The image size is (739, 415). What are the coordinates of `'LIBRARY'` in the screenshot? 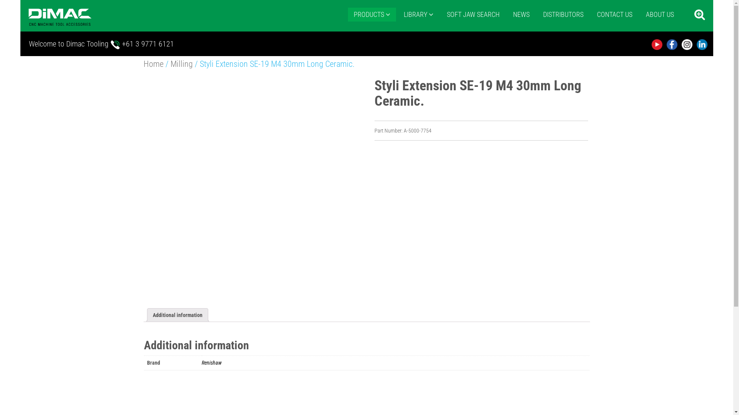 It's located at (418, 15).